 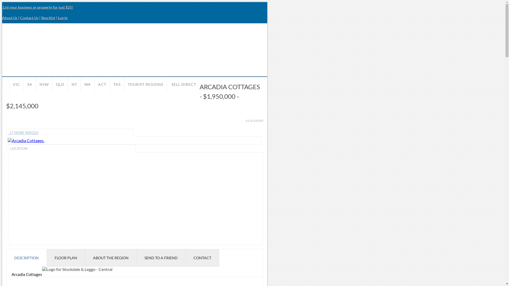 I want to click on 'FLOOR PLAN', so click(x=65, y=258).